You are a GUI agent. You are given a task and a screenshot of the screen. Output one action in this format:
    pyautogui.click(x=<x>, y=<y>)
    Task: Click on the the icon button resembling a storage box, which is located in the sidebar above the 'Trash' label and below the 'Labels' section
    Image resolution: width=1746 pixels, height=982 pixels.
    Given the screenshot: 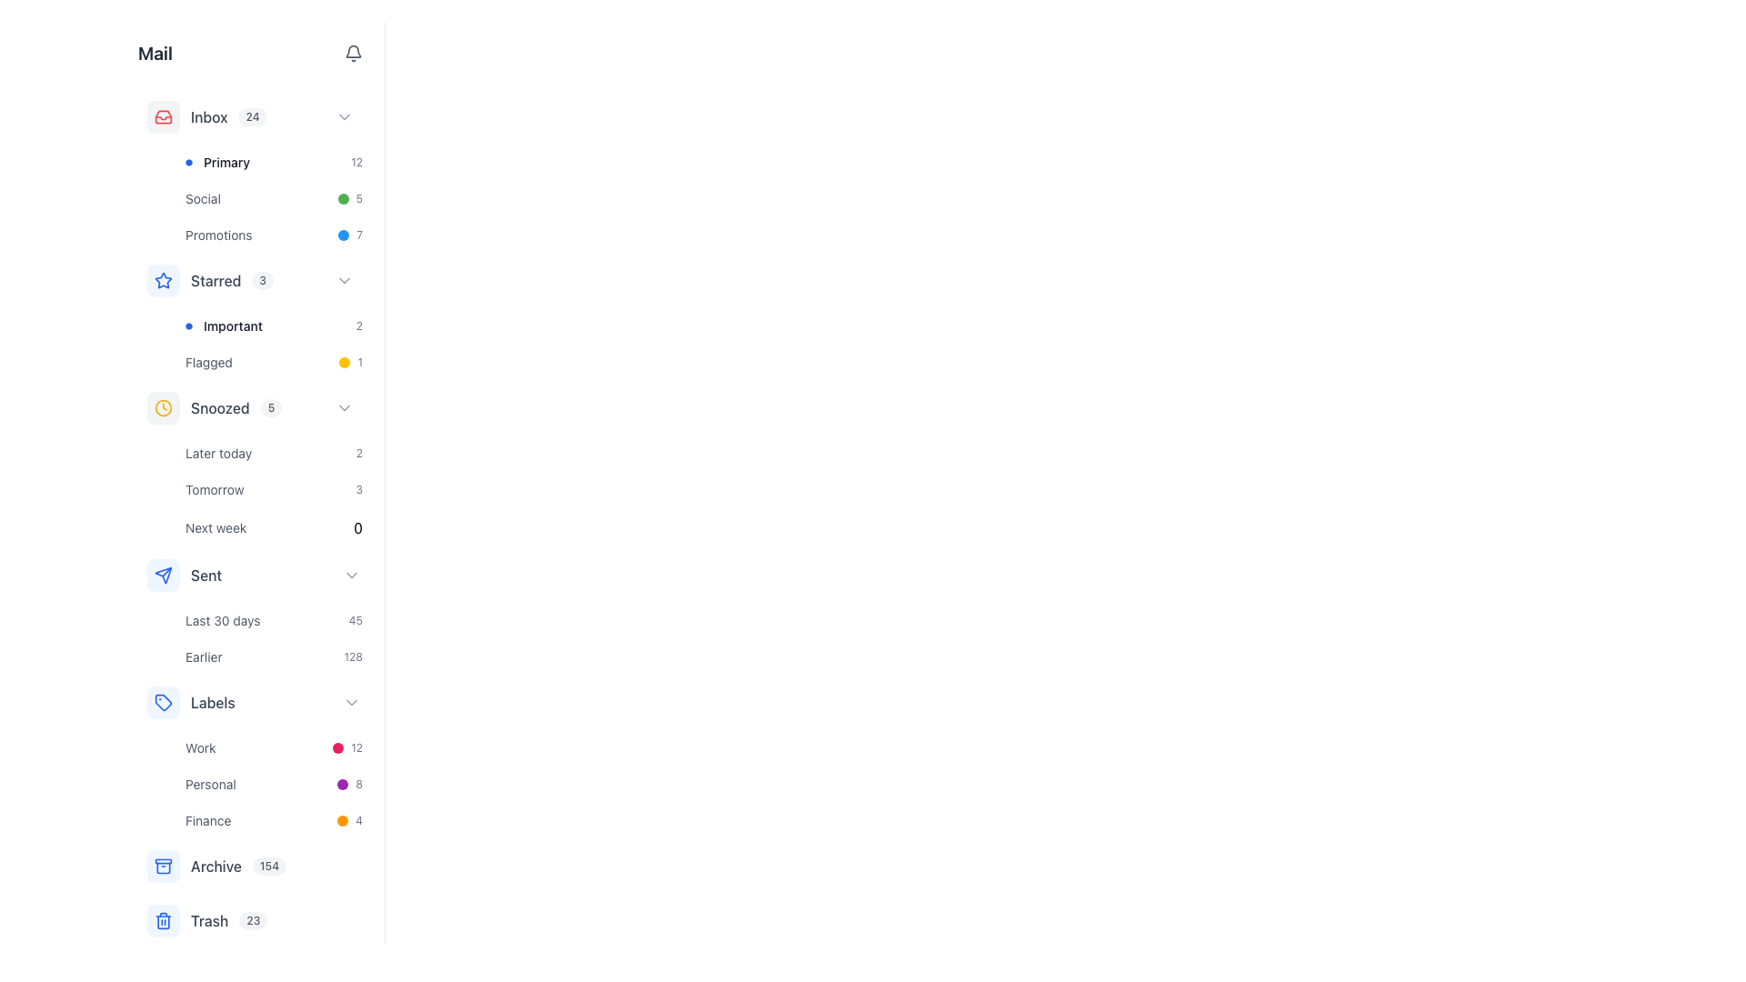 What is the action you would take?
    pyautogui.click(x=164, y=865)
    